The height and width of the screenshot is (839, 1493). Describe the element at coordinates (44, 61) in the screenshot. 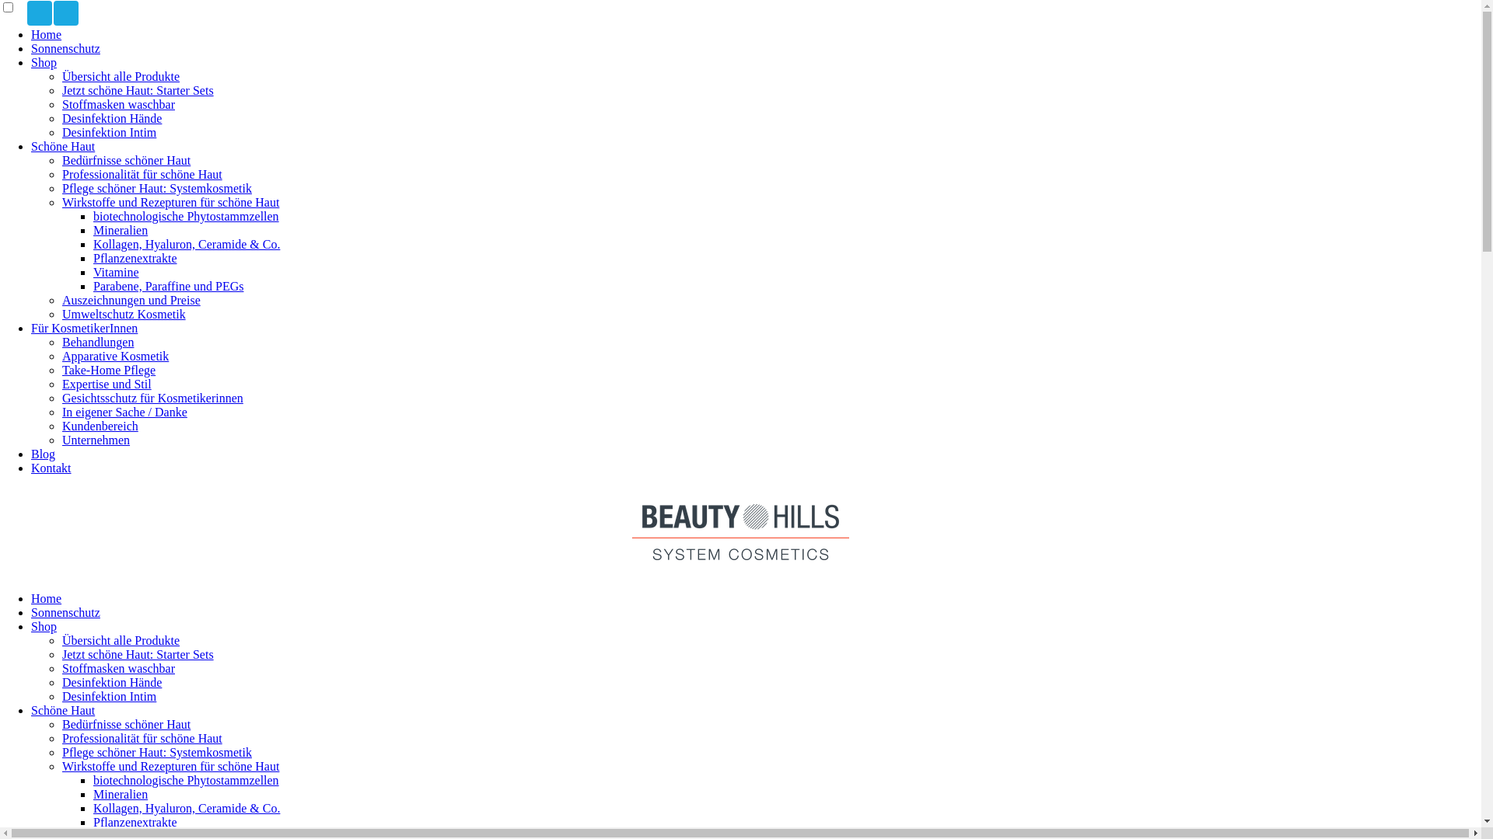

I see `'Shop'` at that location.